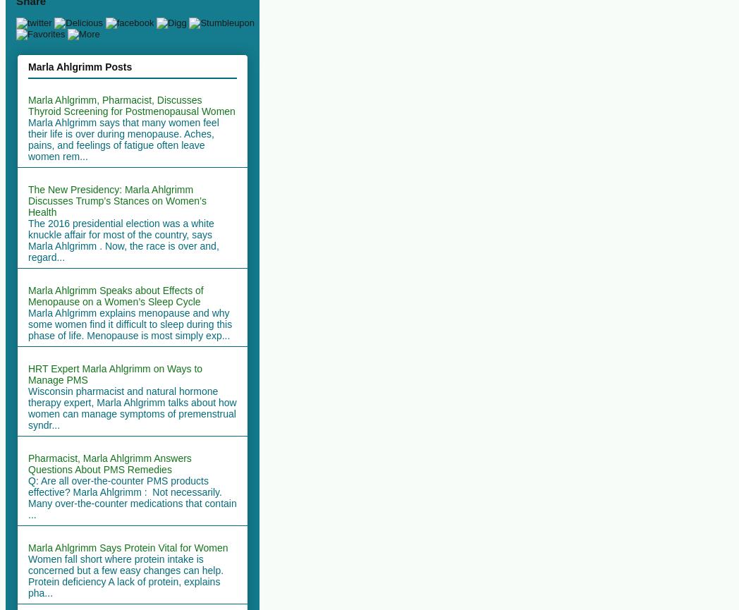 The image size is (739, 610). I want to click on 'Q: Are all over-the-counter PMS products effective?     Marla Ahlgrimm :  Not necessarily. Many over-the-counter medications that contain ...', so click(131, 496).